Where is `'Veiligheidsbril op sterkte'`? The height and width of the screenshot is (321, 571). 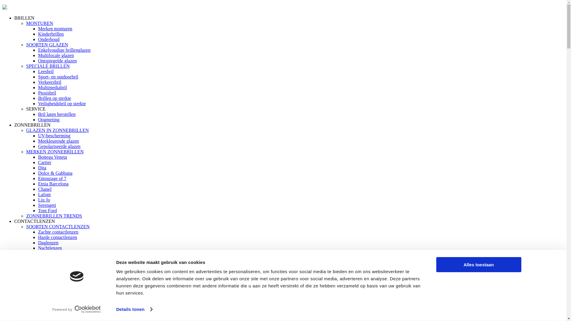 'Veiligheidsbril op sterkte' is located at coordinates (62, 103).